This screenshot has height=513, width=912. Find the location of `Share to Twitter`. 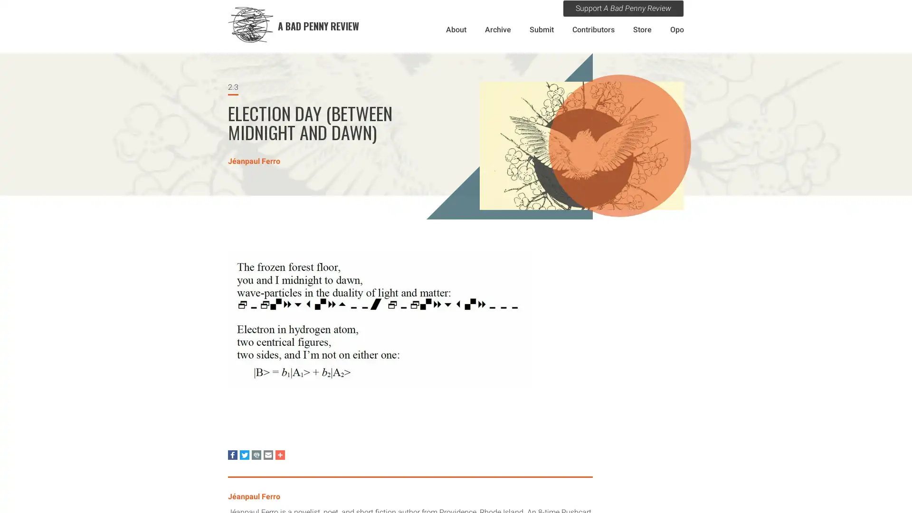

Share to Twitter is located at coordinates (244, 454).